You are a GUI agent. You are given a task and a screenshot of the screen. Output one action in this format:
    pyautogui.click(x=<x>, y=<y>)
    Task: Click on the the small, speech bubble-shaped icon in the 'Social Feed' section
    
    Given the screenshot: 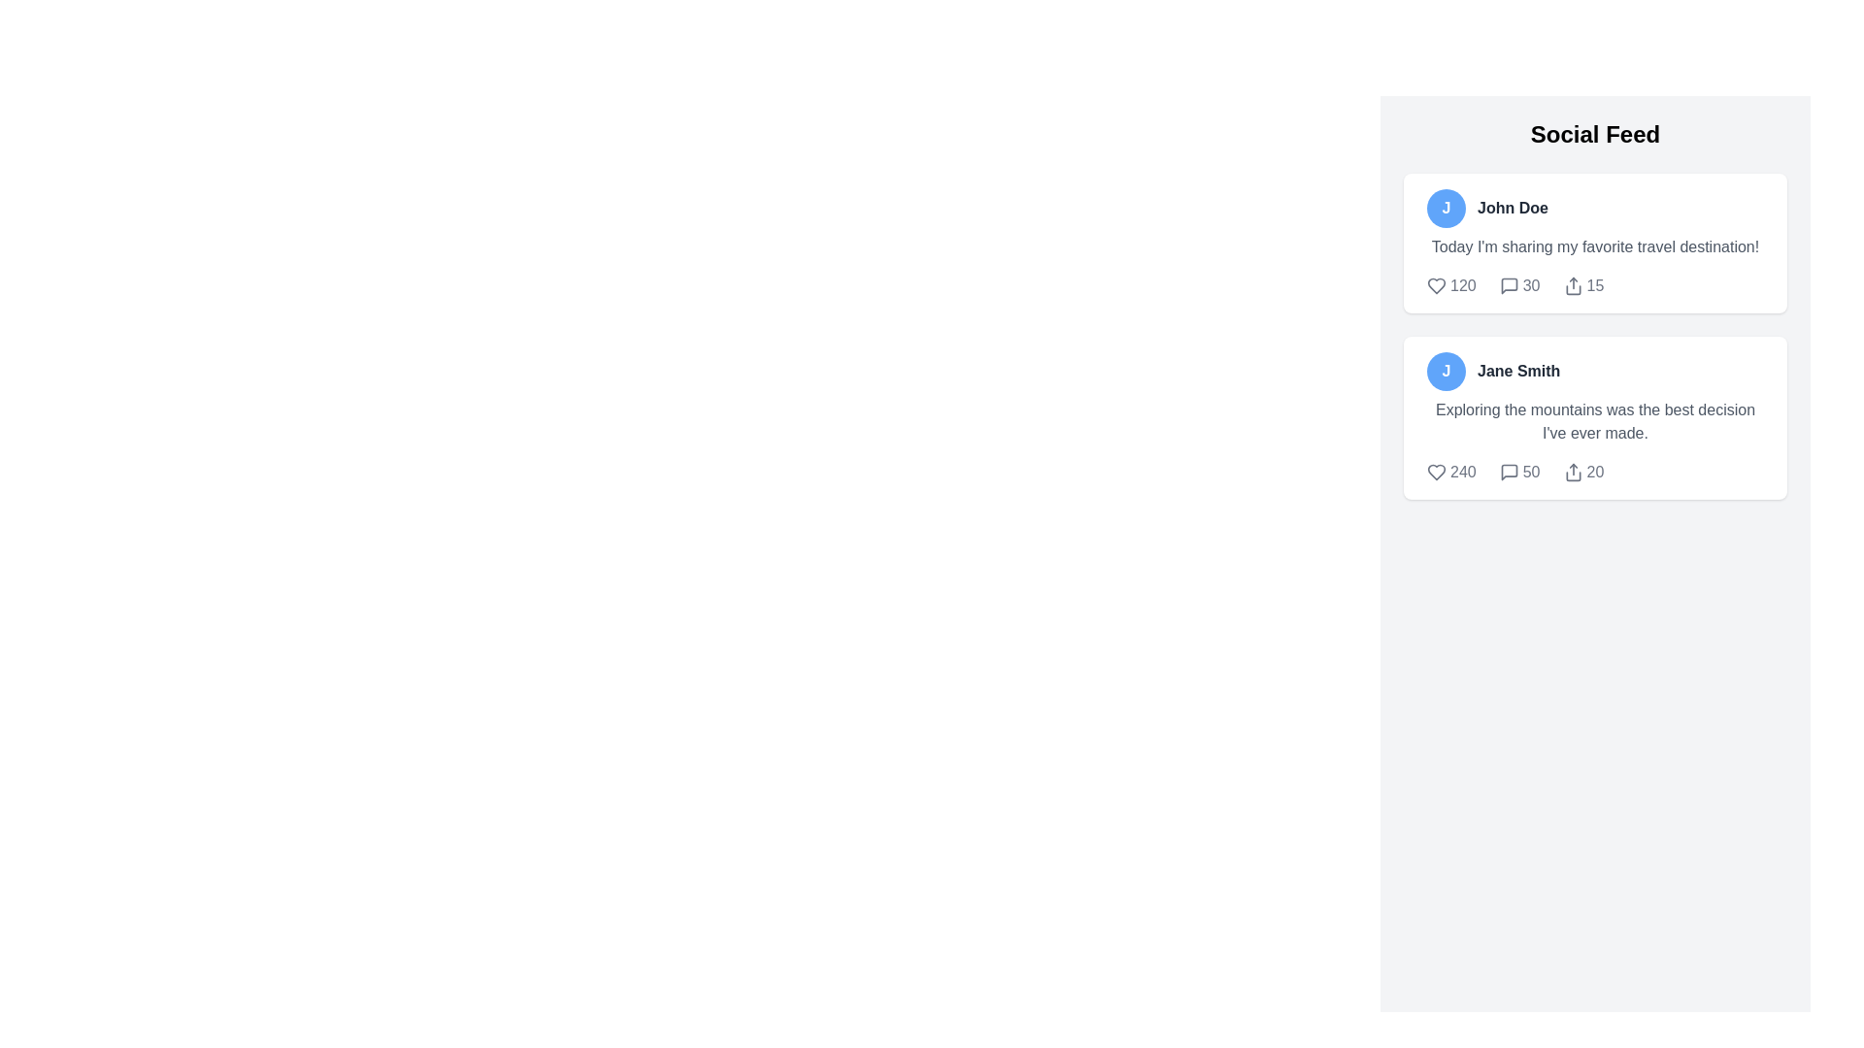 What is the action you would take?
    pyautogui.click(x=1508, y=285)
    